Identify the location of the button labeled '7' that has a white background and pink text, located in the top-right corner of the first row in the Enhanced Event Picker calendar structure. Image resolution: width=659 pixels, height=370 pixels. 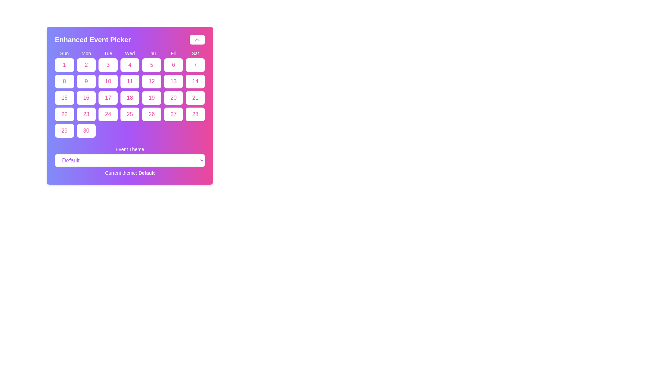
(195, 65).